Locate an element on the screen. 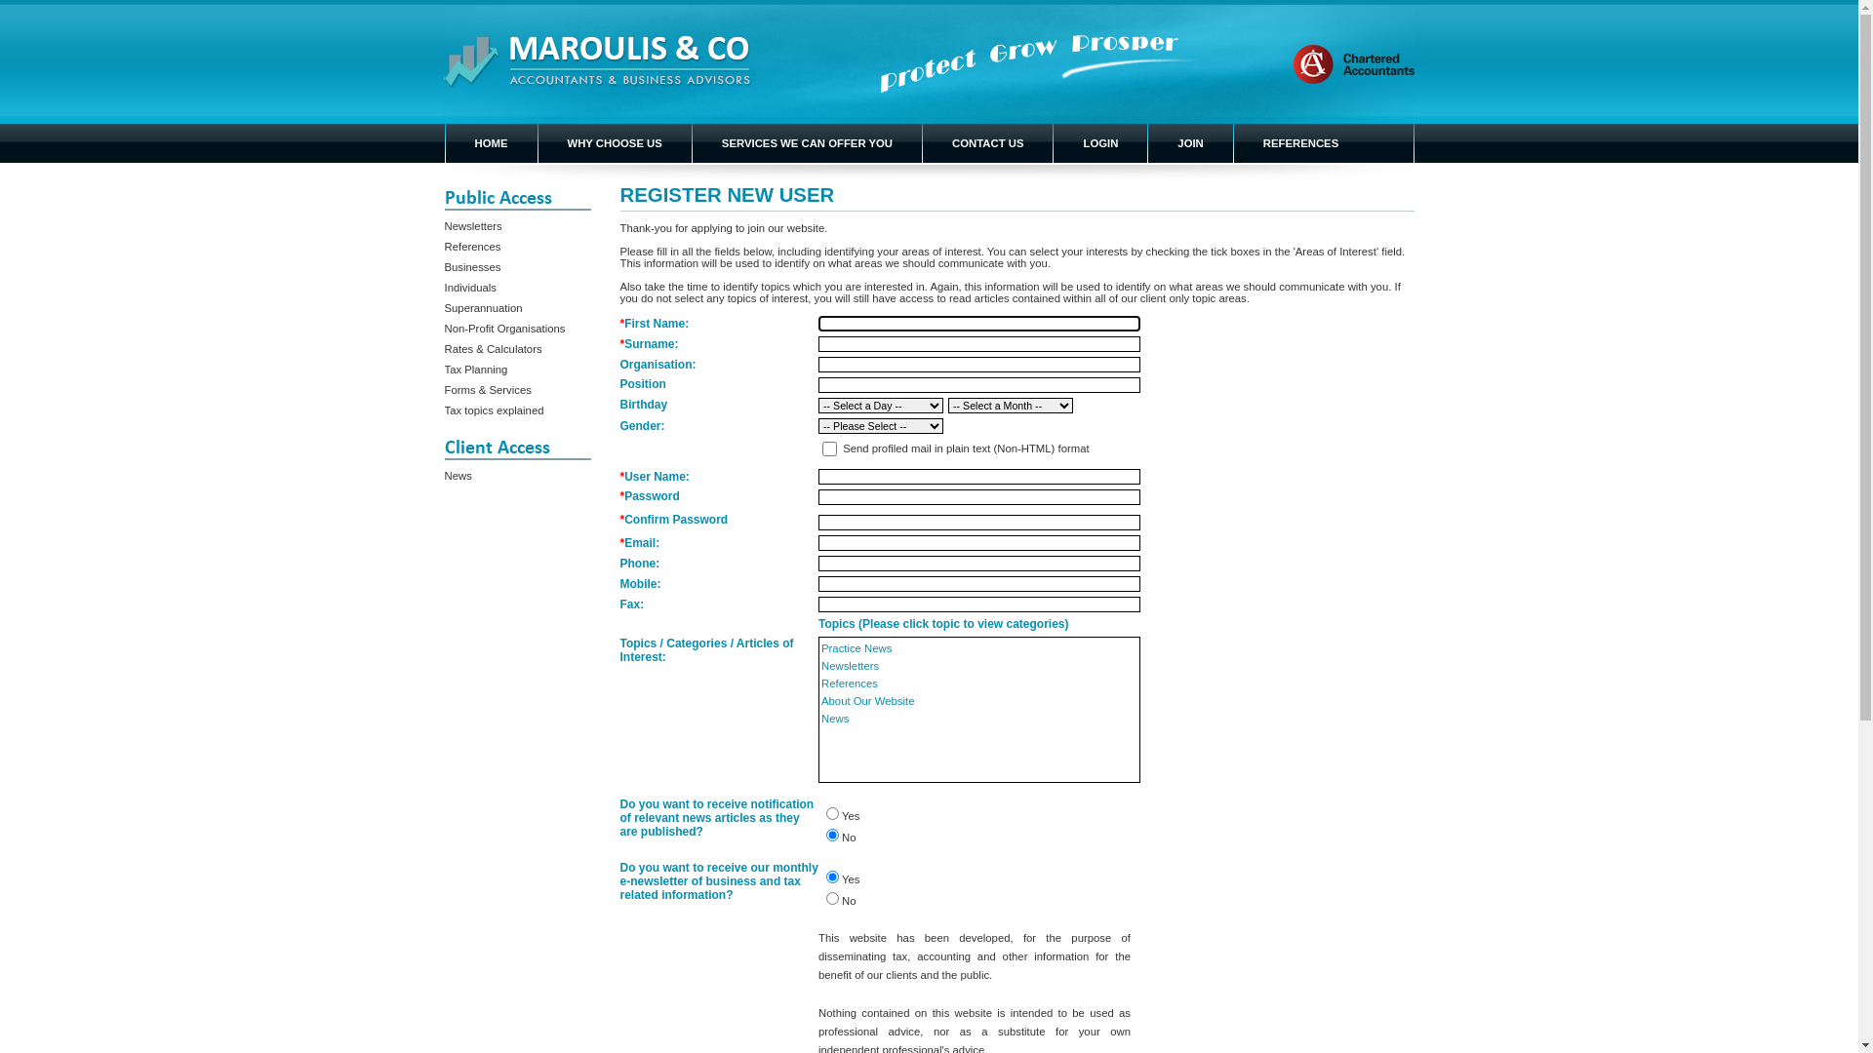  'LOGIN' is located at coordinates (1100, 141).